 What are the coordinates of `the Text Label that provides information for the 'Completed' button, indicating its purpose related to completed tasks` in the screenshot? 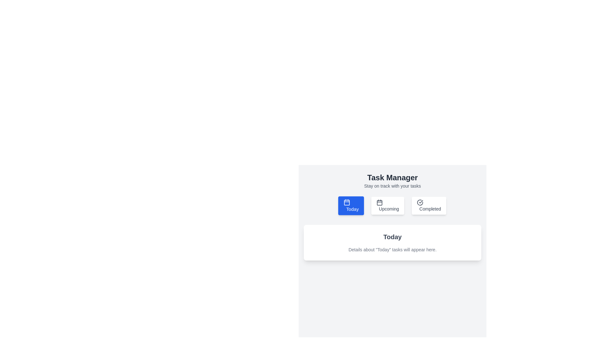 It's located at (430, 209).